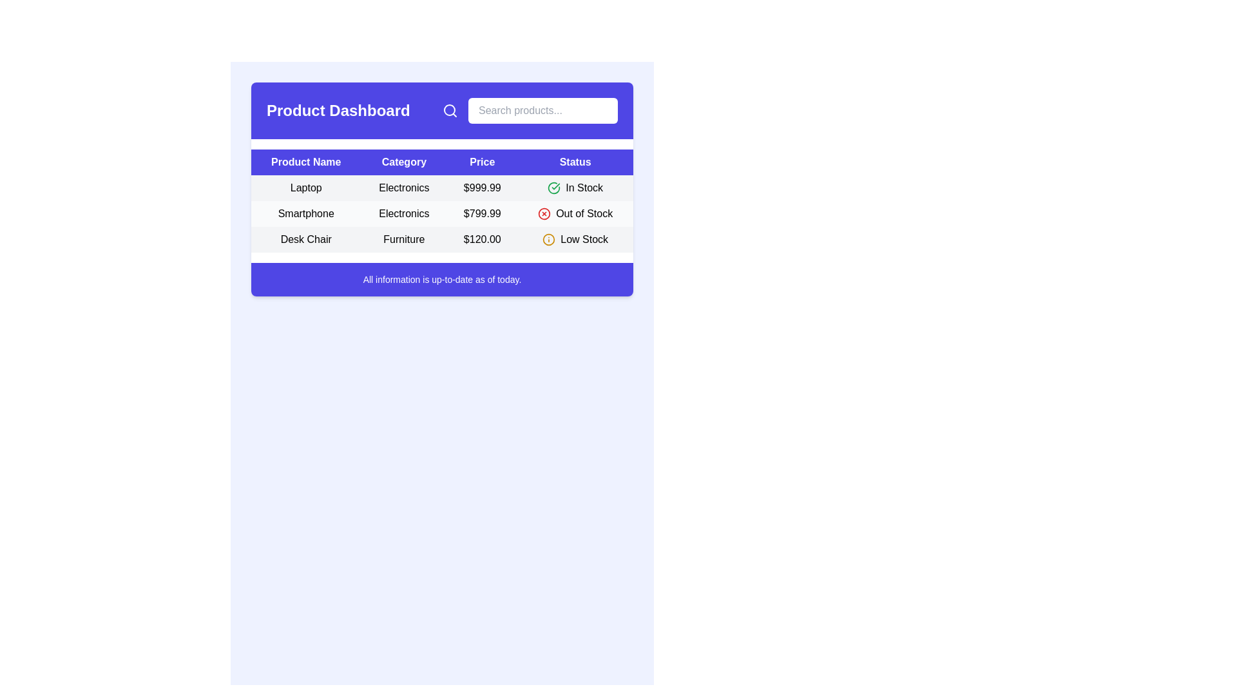 The image size is (1237, 696). What do you see at coordinates (584, 239) in the screenshot?
I see `text label indicating the inventory status for the corresponding product, which is positioned in the last row of the 'Status' column in a three-row table, highlighting limited supply` at bounding box center [584, 239].